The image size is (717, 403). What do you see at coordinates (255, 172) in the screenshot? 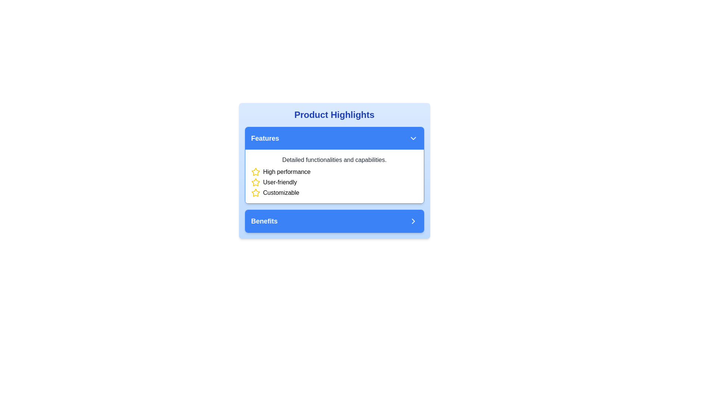
I see `the star-shaped icon representing 'User-friendly' in the 'Features' section of the 'Product Highlights' area` at bounding box center [255, 172].